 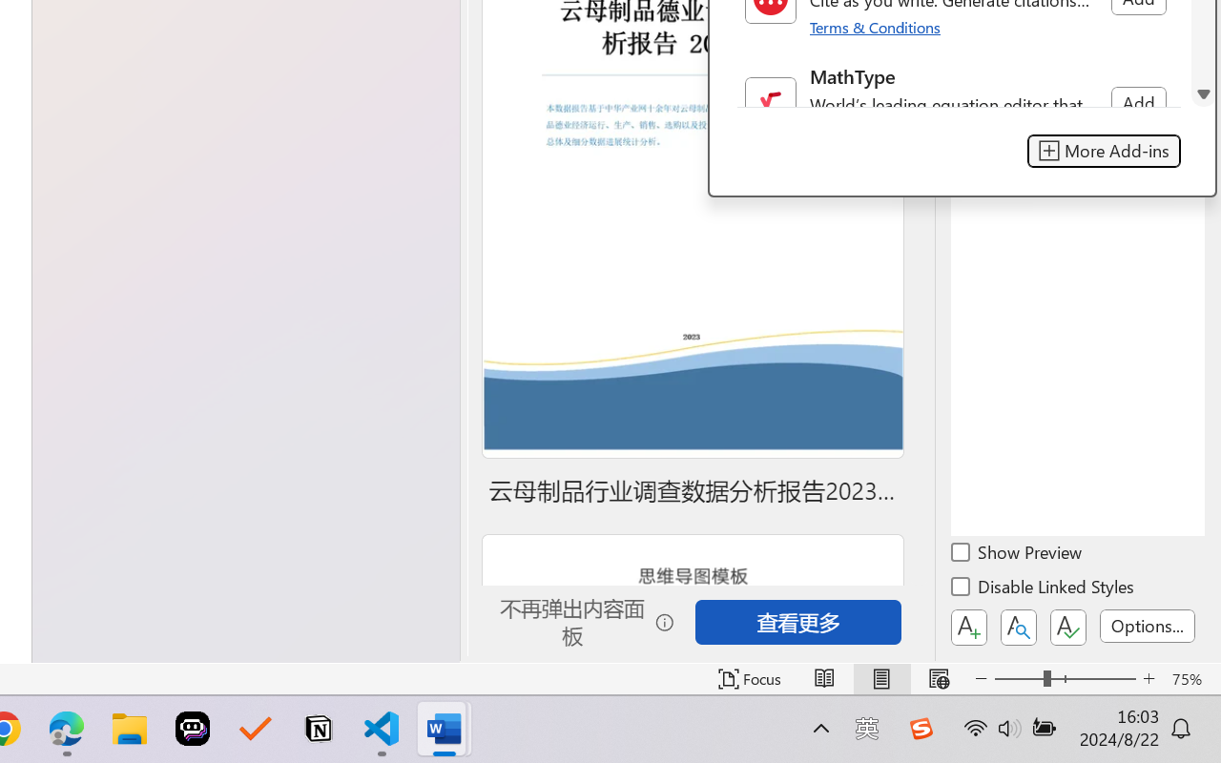 I want to click on 'Web Layout', so click(x=939, y=678).